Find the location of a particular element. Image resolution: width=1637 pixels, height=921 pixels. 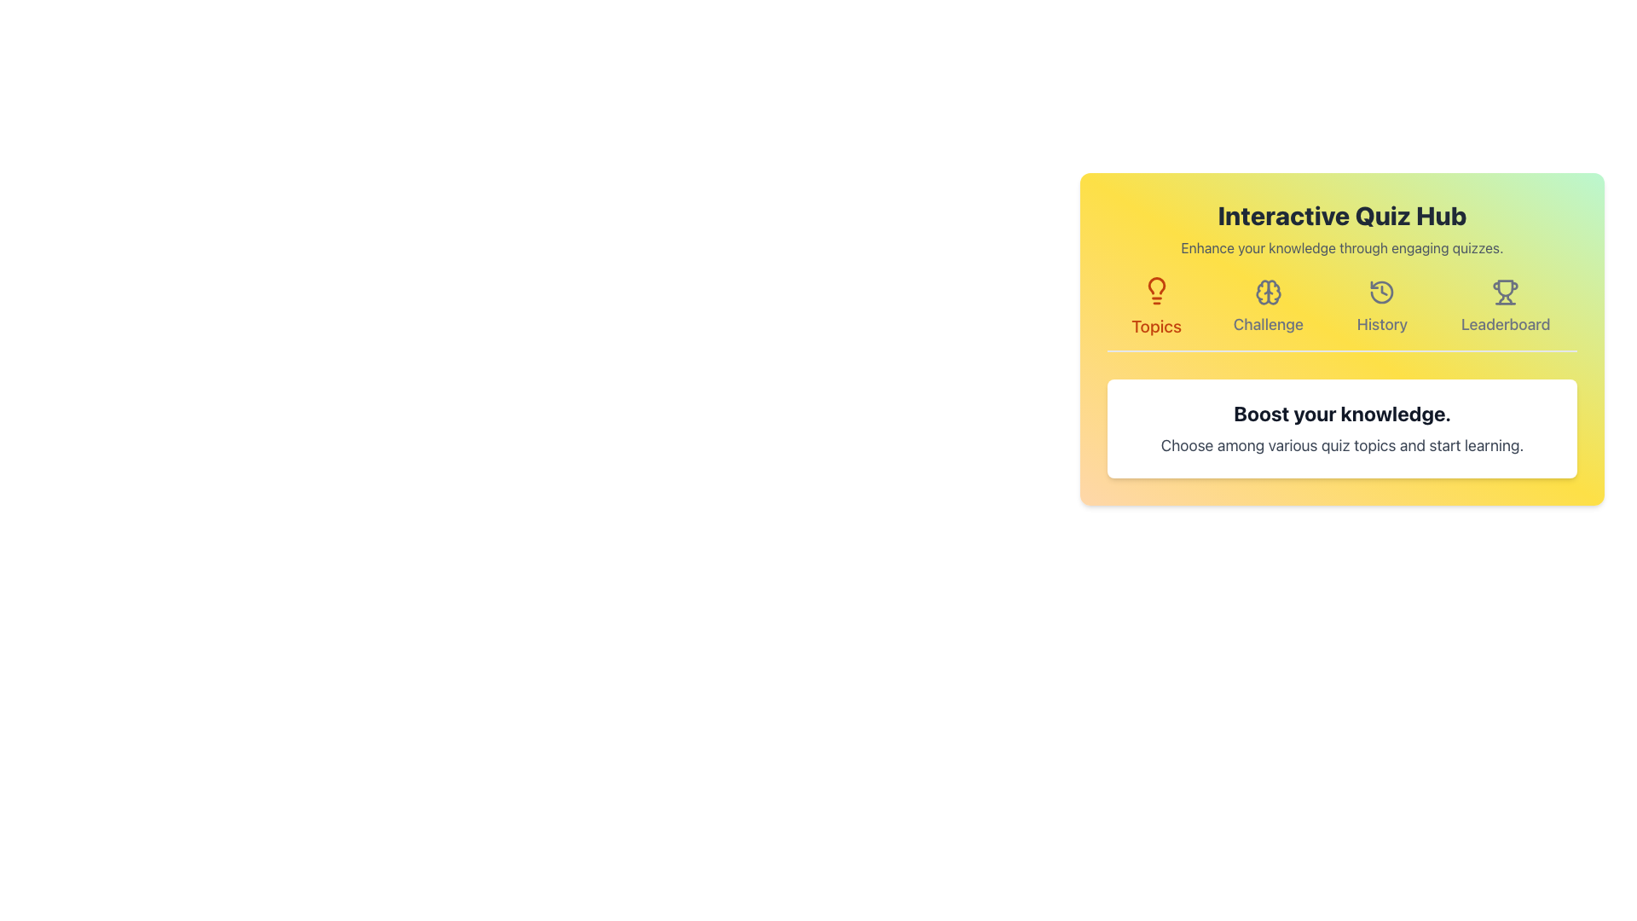

the 'History' menu item is located at coordinates (1382, 308).